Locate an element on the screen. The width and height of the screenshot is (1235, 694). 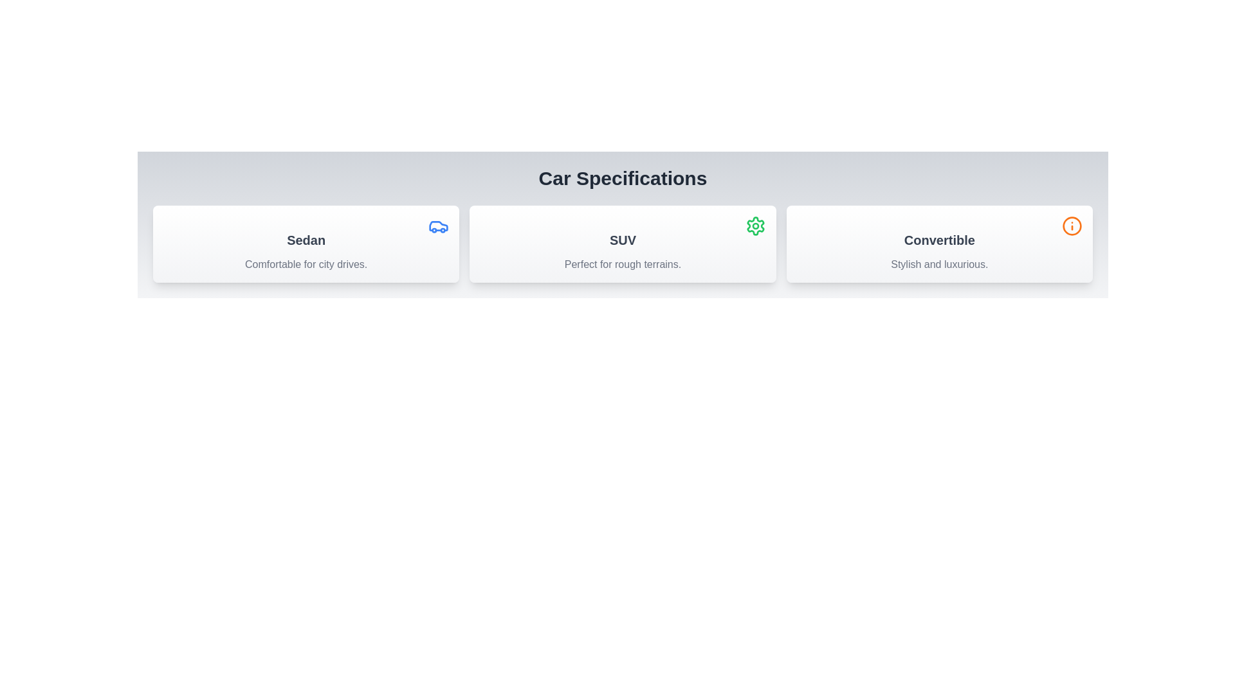
the central circular icon within the orange outlined 'info' icon located at the top-right corner of the 'Convertible' card is located at coordinates (1072, 225).